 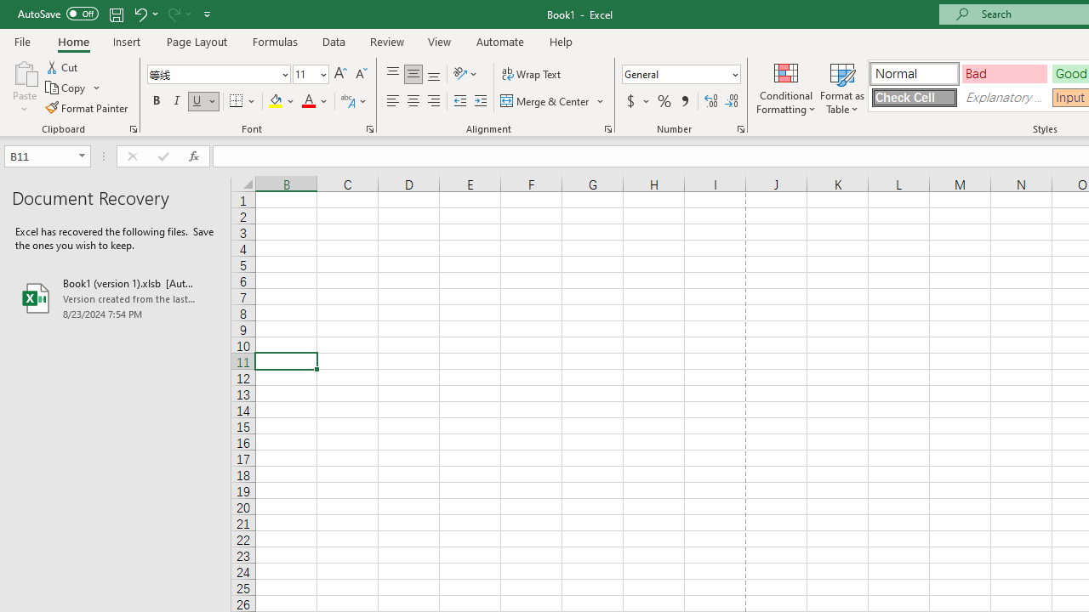 What do you see at coordinates (311, 73) in the screenshot?
I see `'Font Size'` at bounding box center [311, 73].